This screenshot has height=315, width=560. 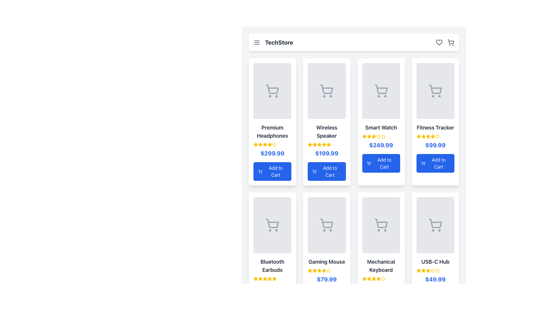 I want to click on the star icon representing the average user rating for the 'Premium Headphones' product card located in the upper left corner of the product grid, so click(x=256, y=144).